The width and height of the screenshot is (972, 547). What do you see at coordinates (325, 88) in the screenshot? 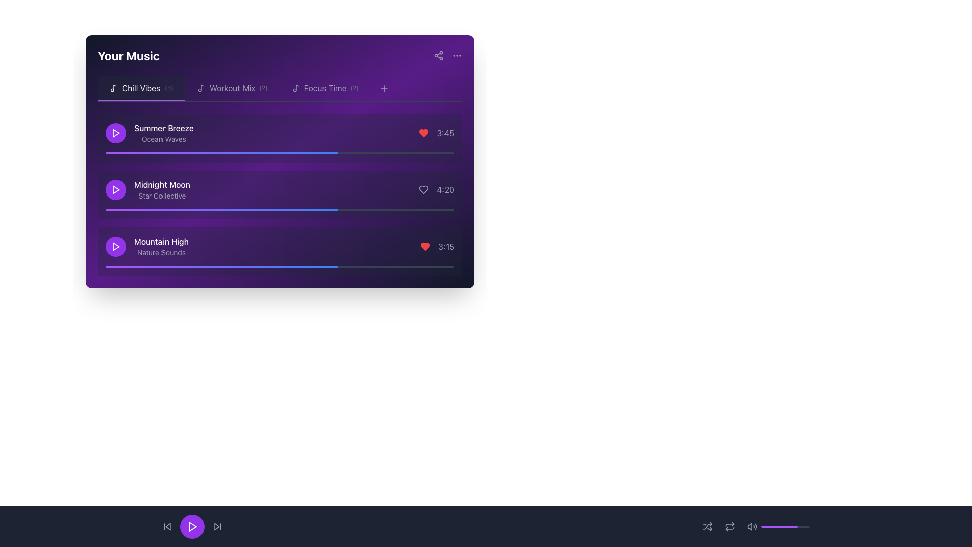
I see `the 'Focus Time (2)' tab in the navigation bar` at bounding box center [325, 88].